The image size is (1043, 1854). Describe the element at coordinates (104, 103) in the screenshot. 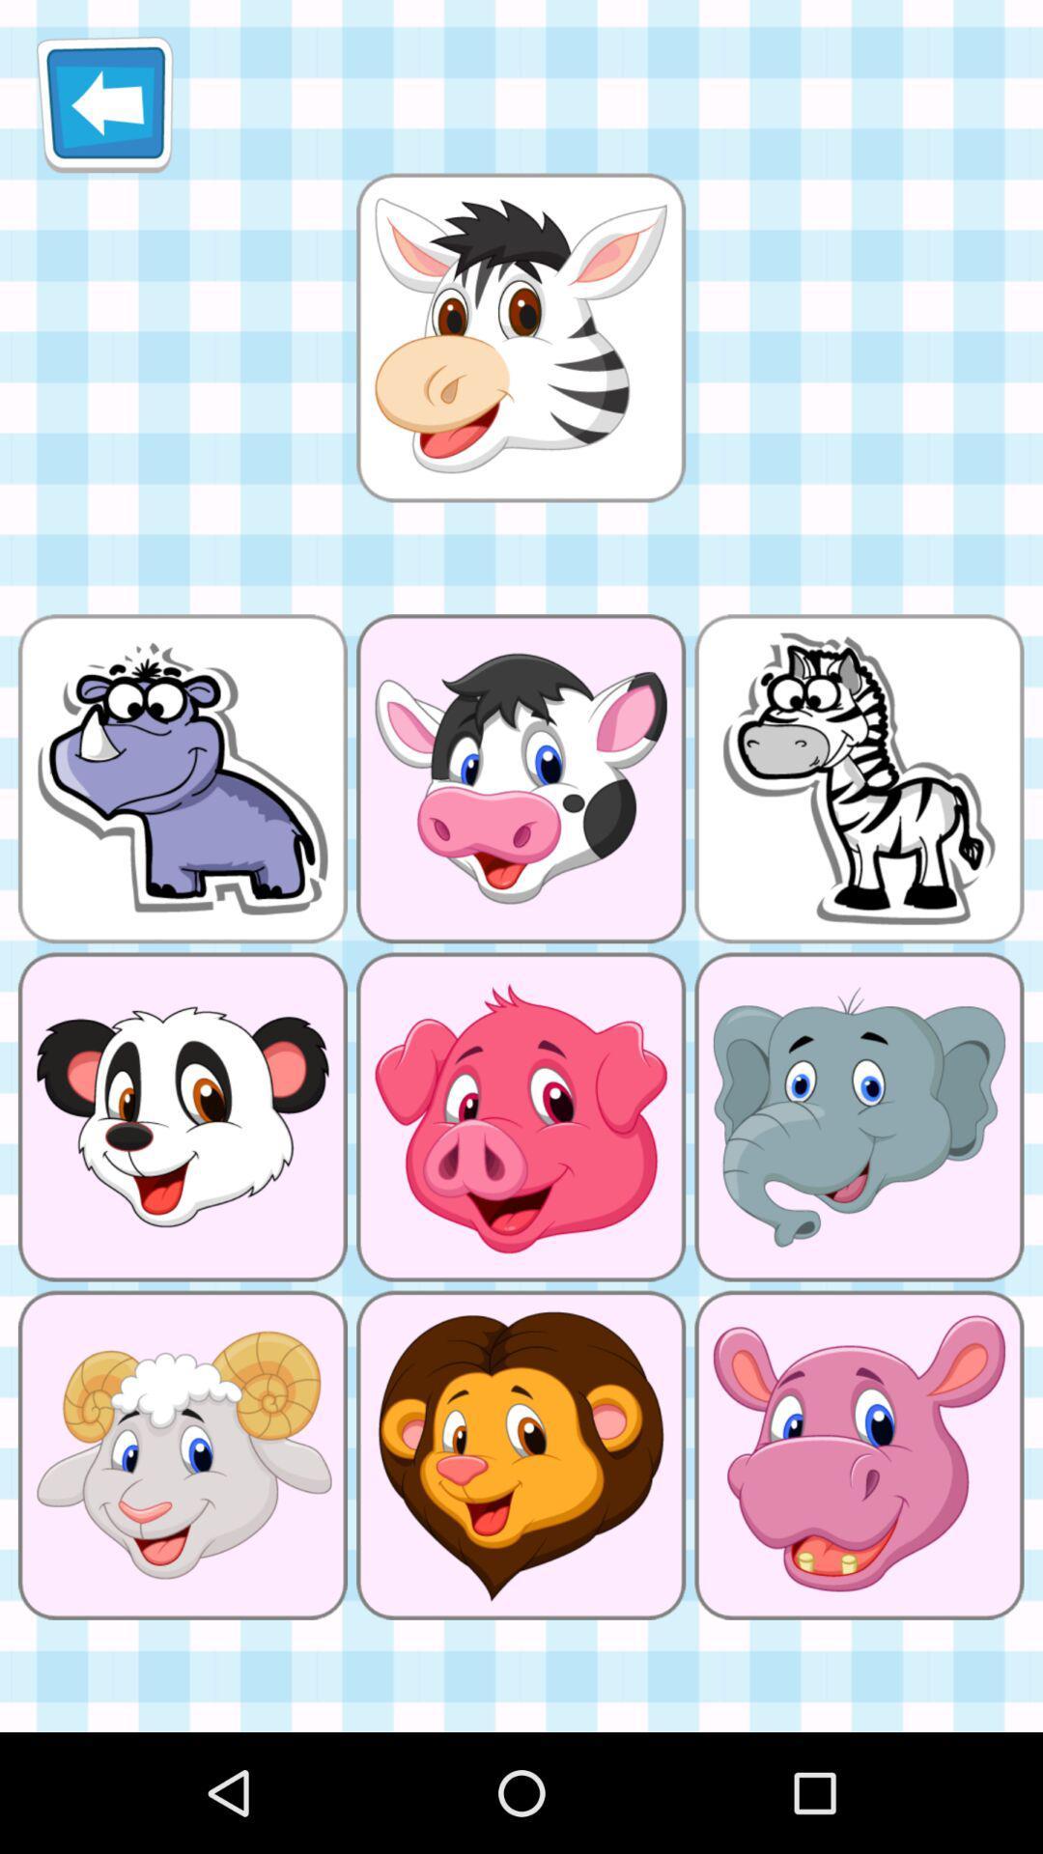

I see `the back button` at that location.